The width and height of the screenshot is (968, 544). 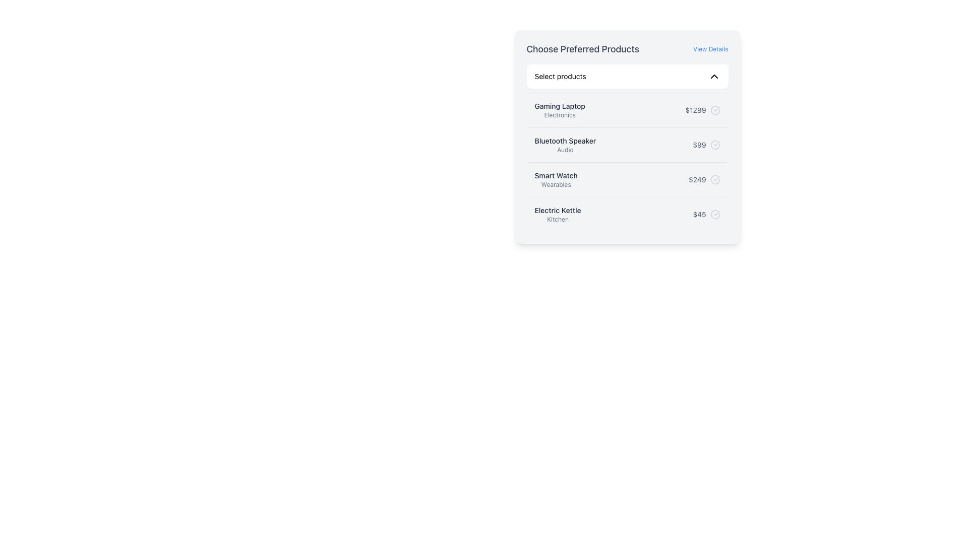 What do you see at coordinates (699, 145) in the screenshot?
I see `the Text Label displaying '$99' in gray color, located to the left of a checkmark icon in the product list` at bounding box center [699, 145].